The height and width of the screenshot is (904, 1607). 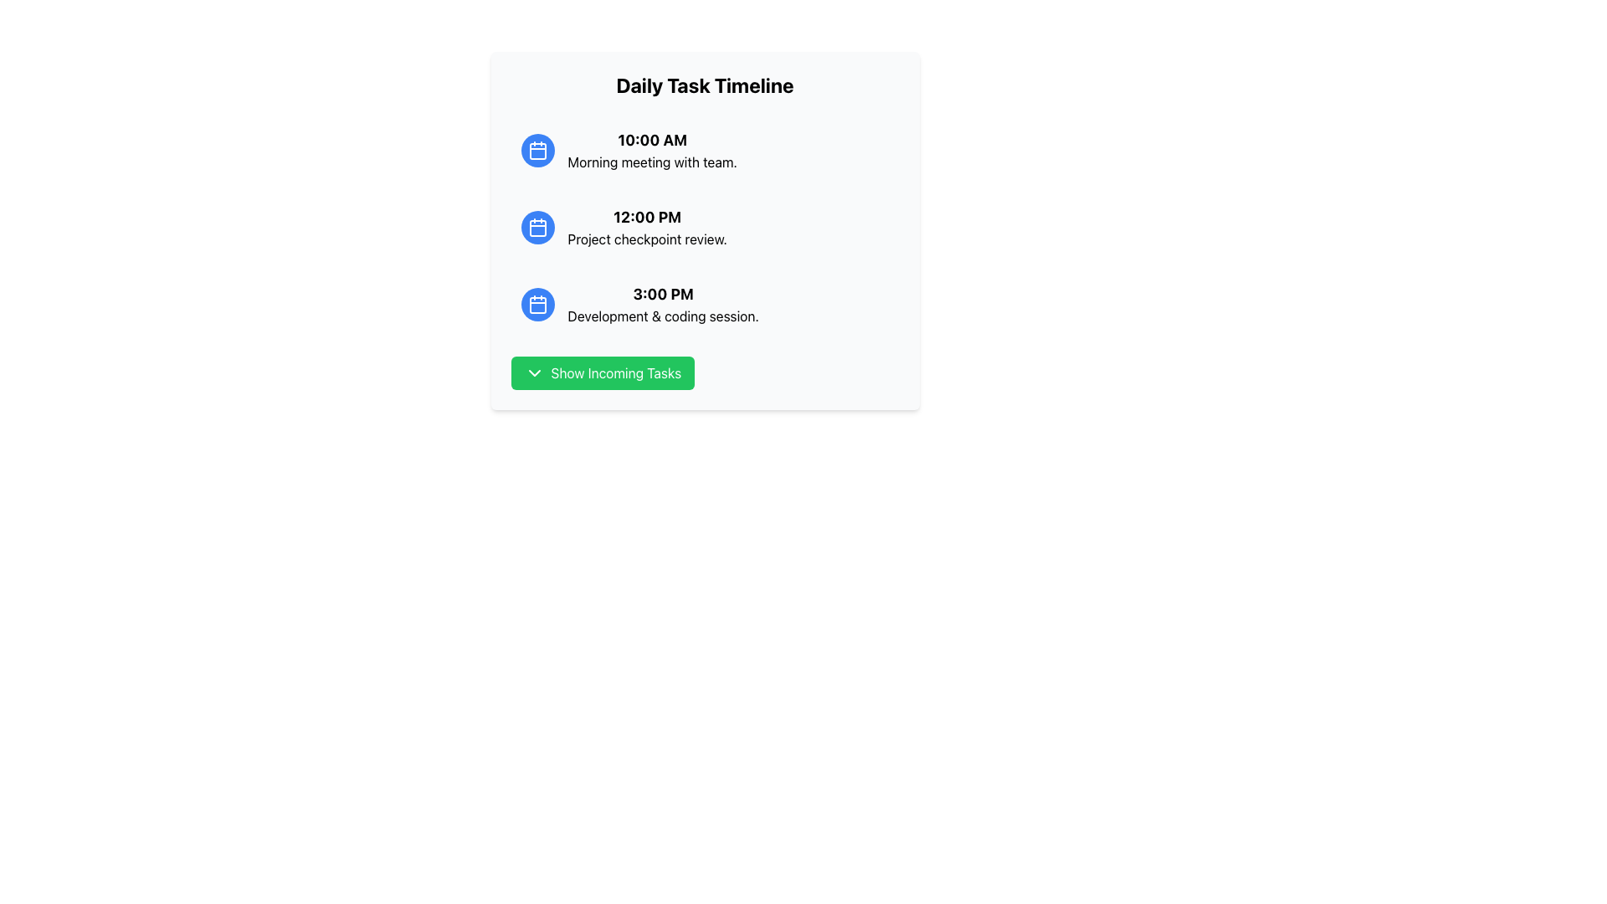 What do you see at coordinates (646, 228) in the screenshot?
I see `the Text Display element that shows '12:00 PM' and 'Project checkpoint review' in the Daily Task Timeline` at bounding box center [646, 228].